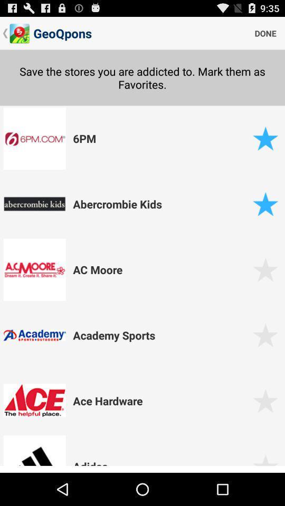 The height and width of the screenshot is (506, 285). What do you see at coordinates (161, 203) in the screenshot?
I see `abercrombie kids` at bounding box center [161, 203].